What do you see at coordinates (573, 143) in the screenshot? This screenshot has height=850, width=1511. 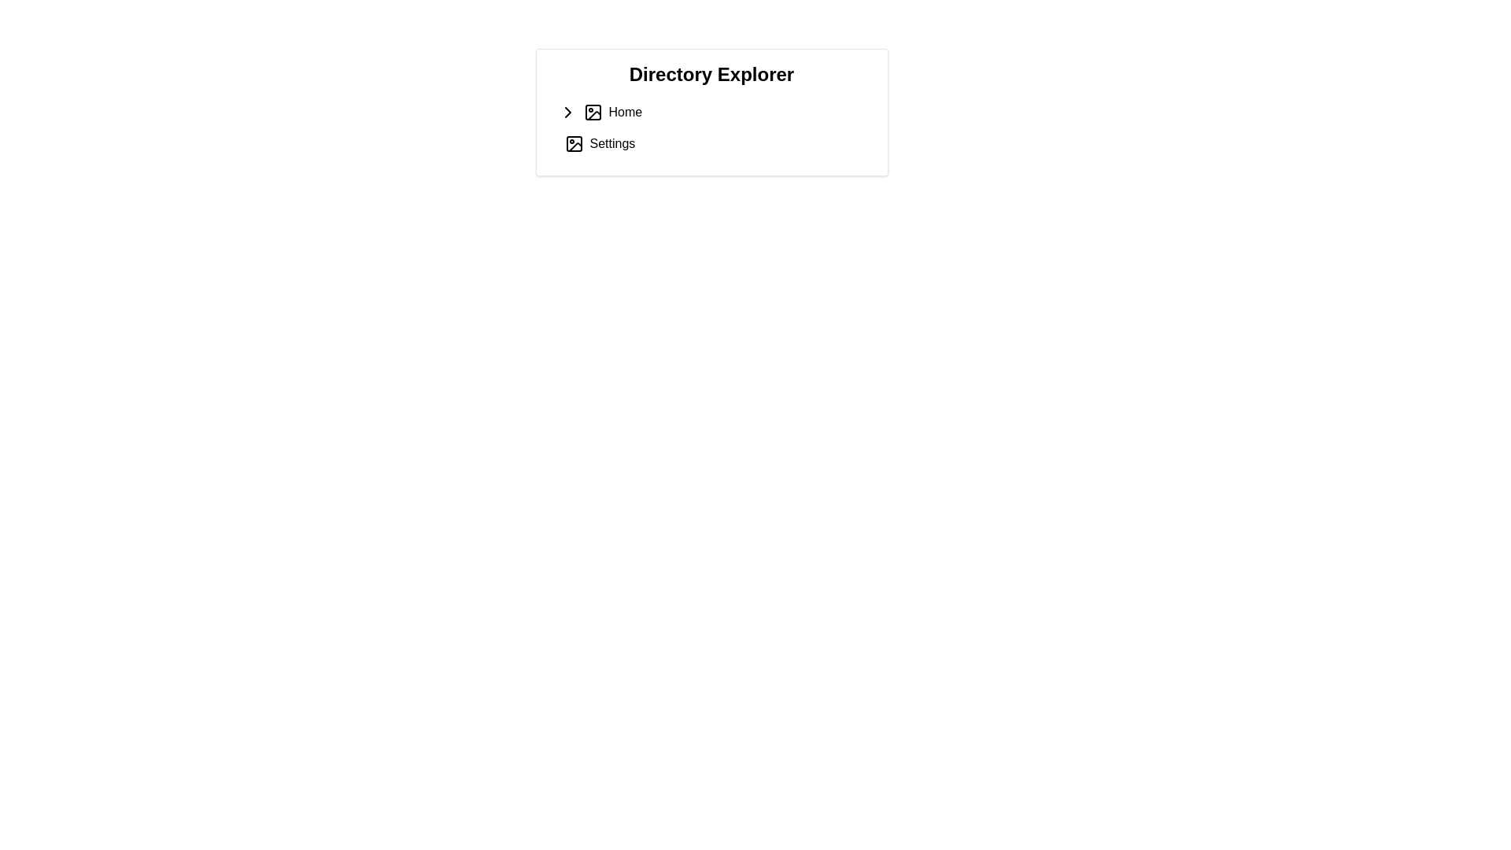 I see `the graphic icon resembling a square next to the 'Settings' label in the 'Directory Explorer' section` at bounding box center [573, 143].